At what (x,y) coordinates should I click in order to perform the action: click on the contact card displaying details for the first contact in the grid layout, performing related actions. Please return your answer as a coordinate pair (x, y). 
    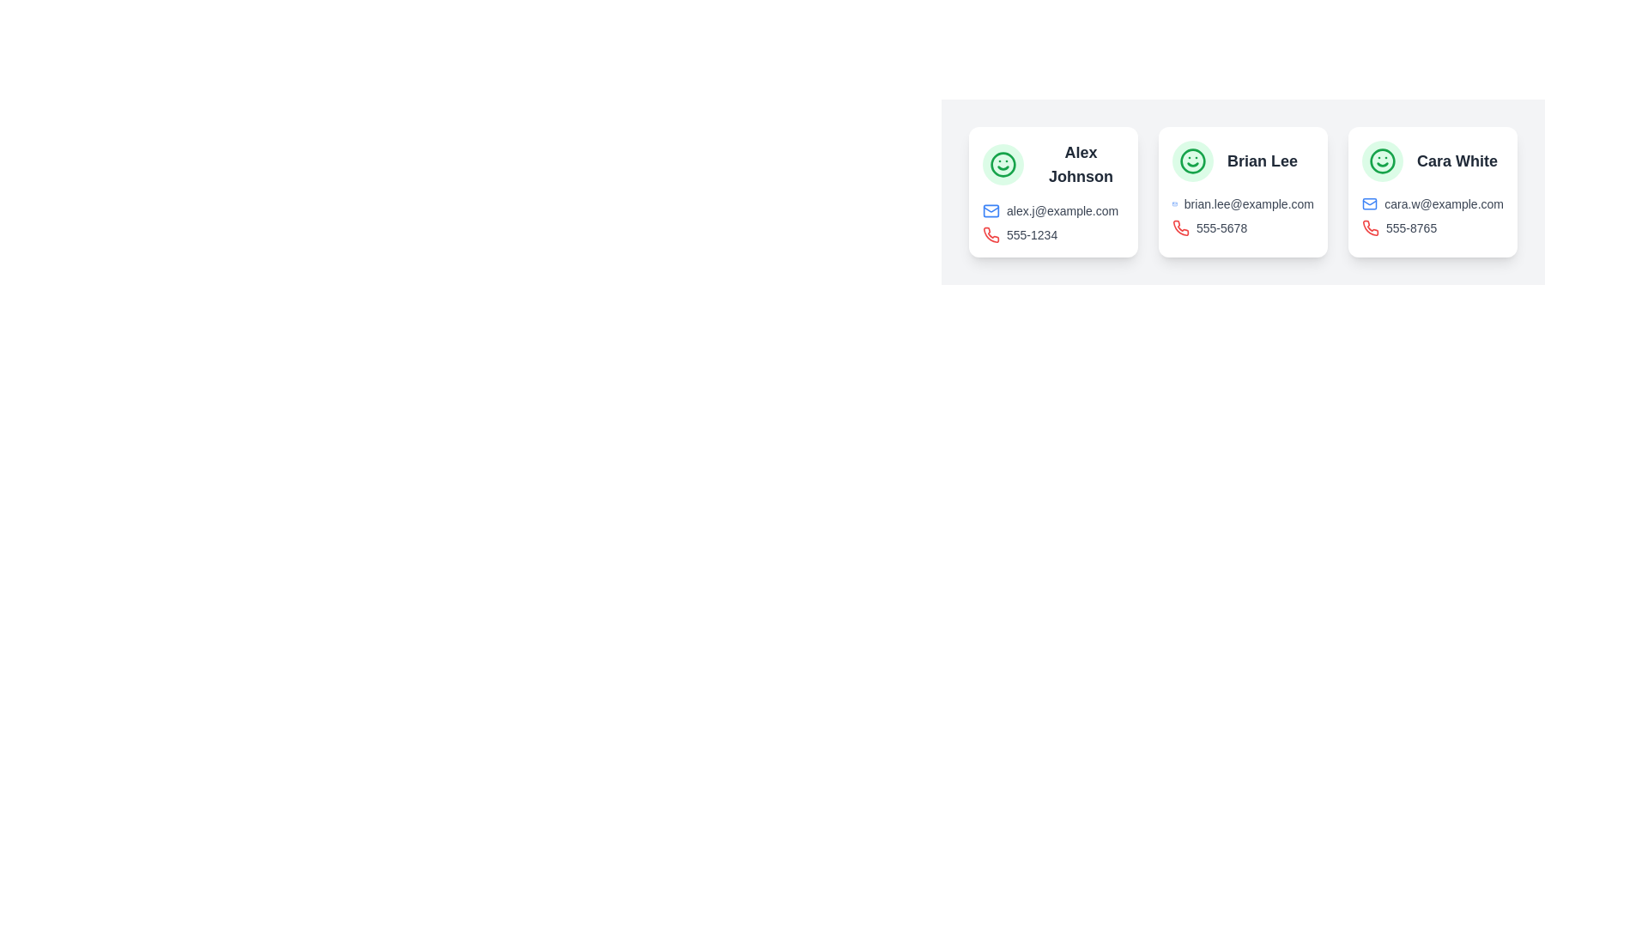
    Looking at the image, I should click on (1052, 191).